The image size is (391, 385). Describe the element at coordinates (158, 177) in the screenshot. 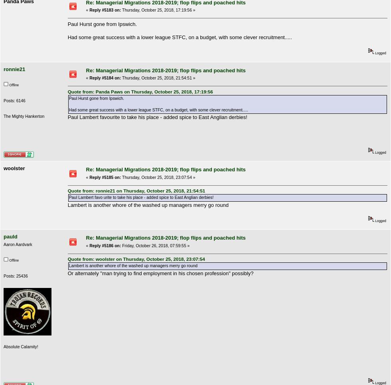

I see `'Thursday, October 25, 2018, 23:07:54 »'` at that location.